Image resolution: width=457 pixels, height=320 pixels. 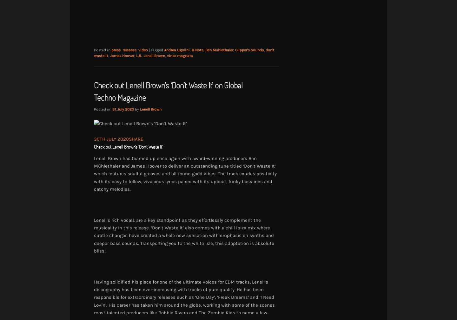 I want to click on '31. July 2020', so click(x=123, y=109).